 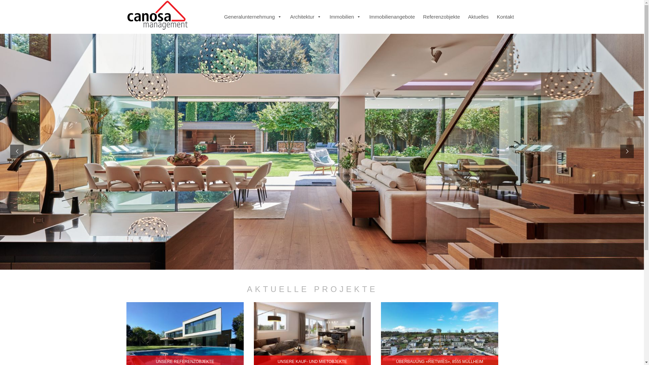 I want to click on 'Canosa Immobilien', so click(x=157, y=14).